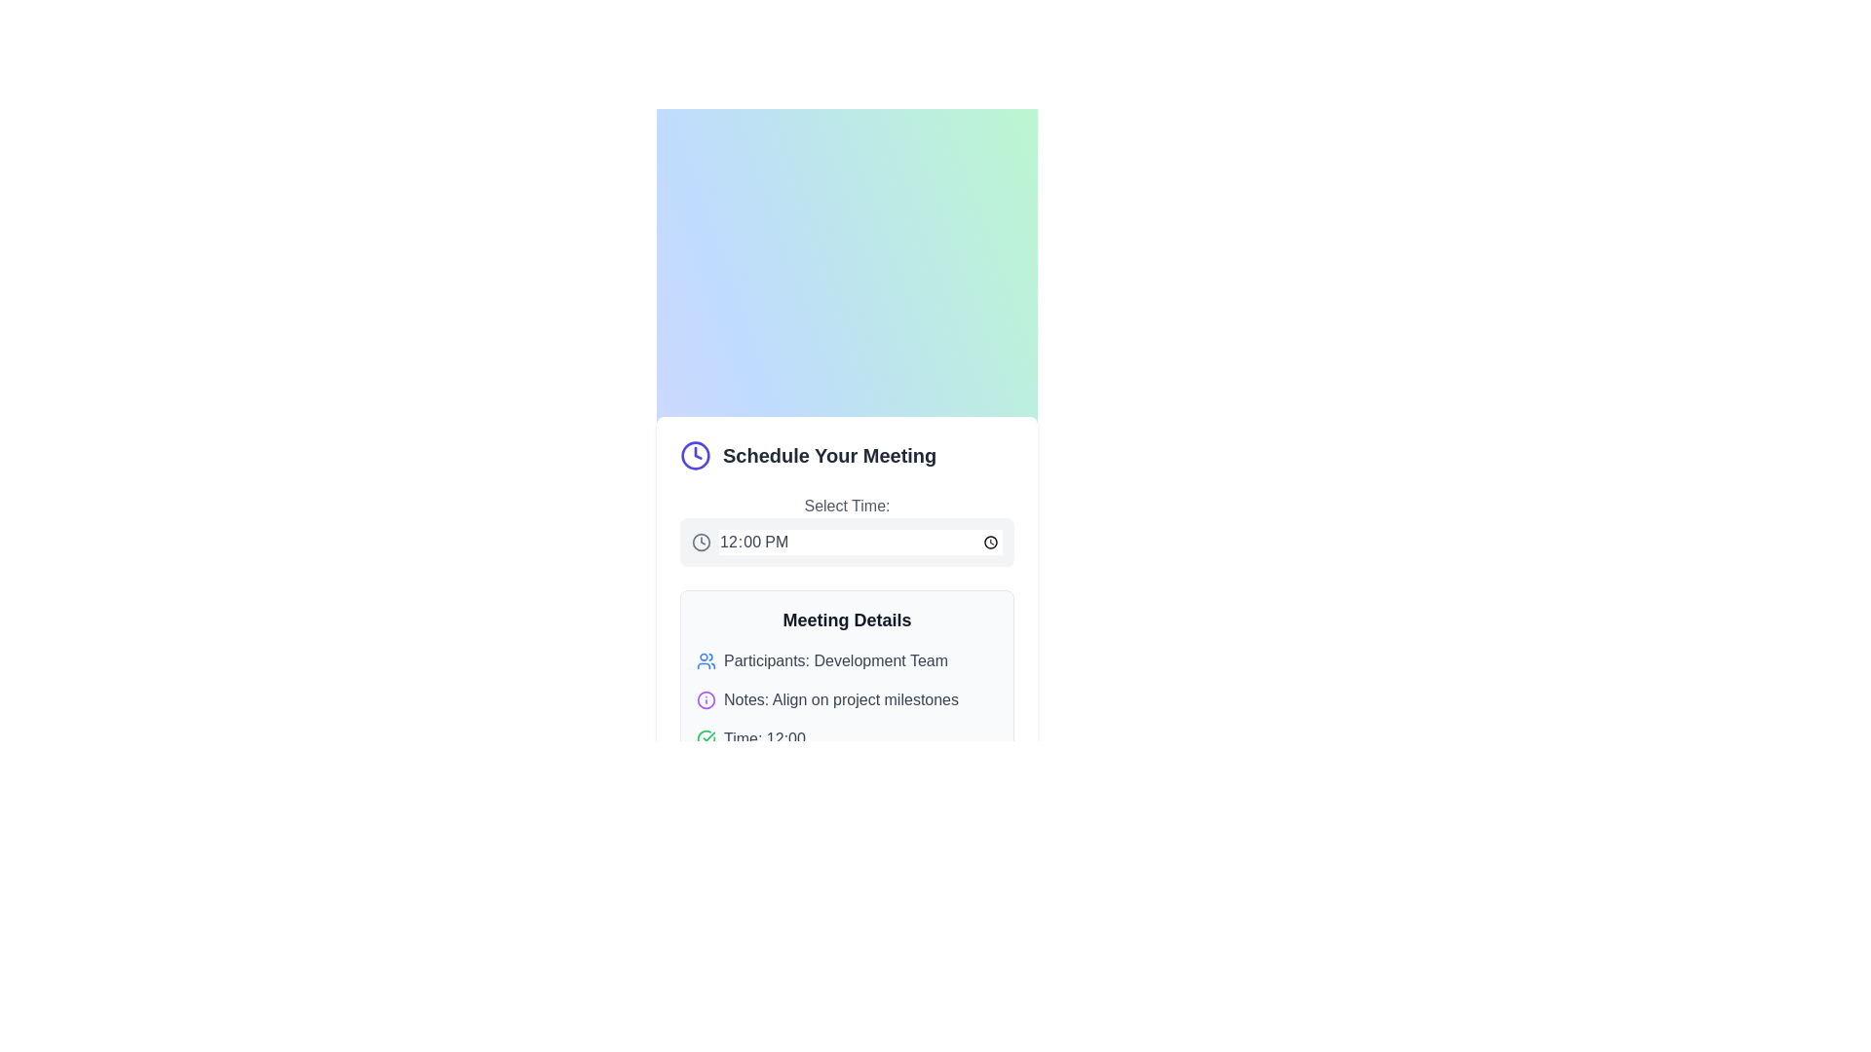  I want to click on information provided by the text label indicating the participants for the scheduled meeting, specifically for the group labeled as the 'Development Team', located in the second row of the 'Meeting Details' section, so click(836, 659).